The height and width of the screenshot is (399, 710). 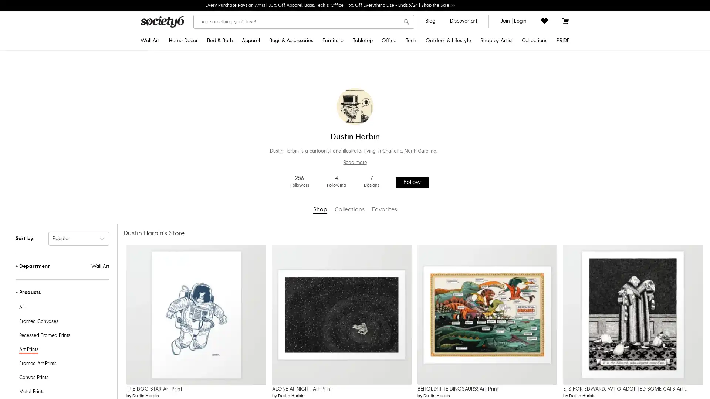 What do you see at coordinates (458, 119) in the screenshot?
I see `Outdoor Throw Pillows` at bounding box center [458, 119].